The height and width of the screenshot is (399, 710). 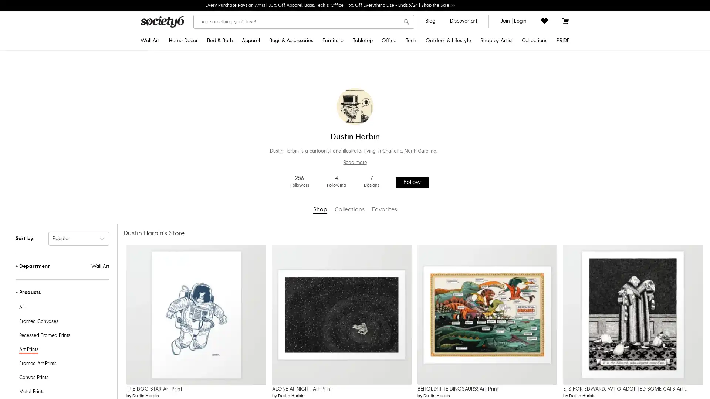 What do you see at coordinates (458, 119) in the screenshot?
I see `Outdoor Throw Pillows` at bounding box center [458, 119].